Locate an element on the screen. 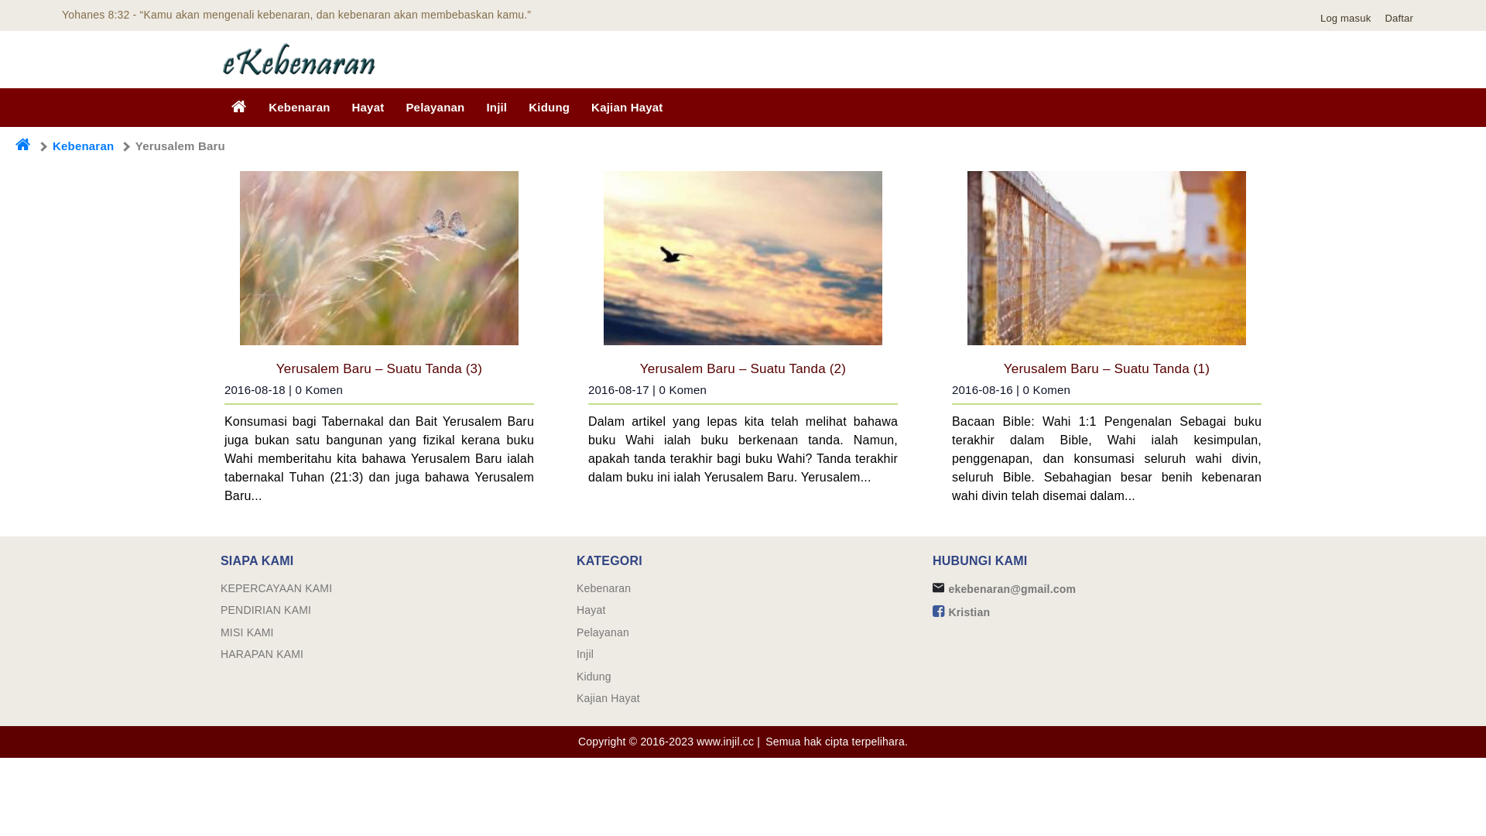 Image resolution: width=1486 pixels, height=836 pixels. 'Kristian' is located at coordinates (968, 611).